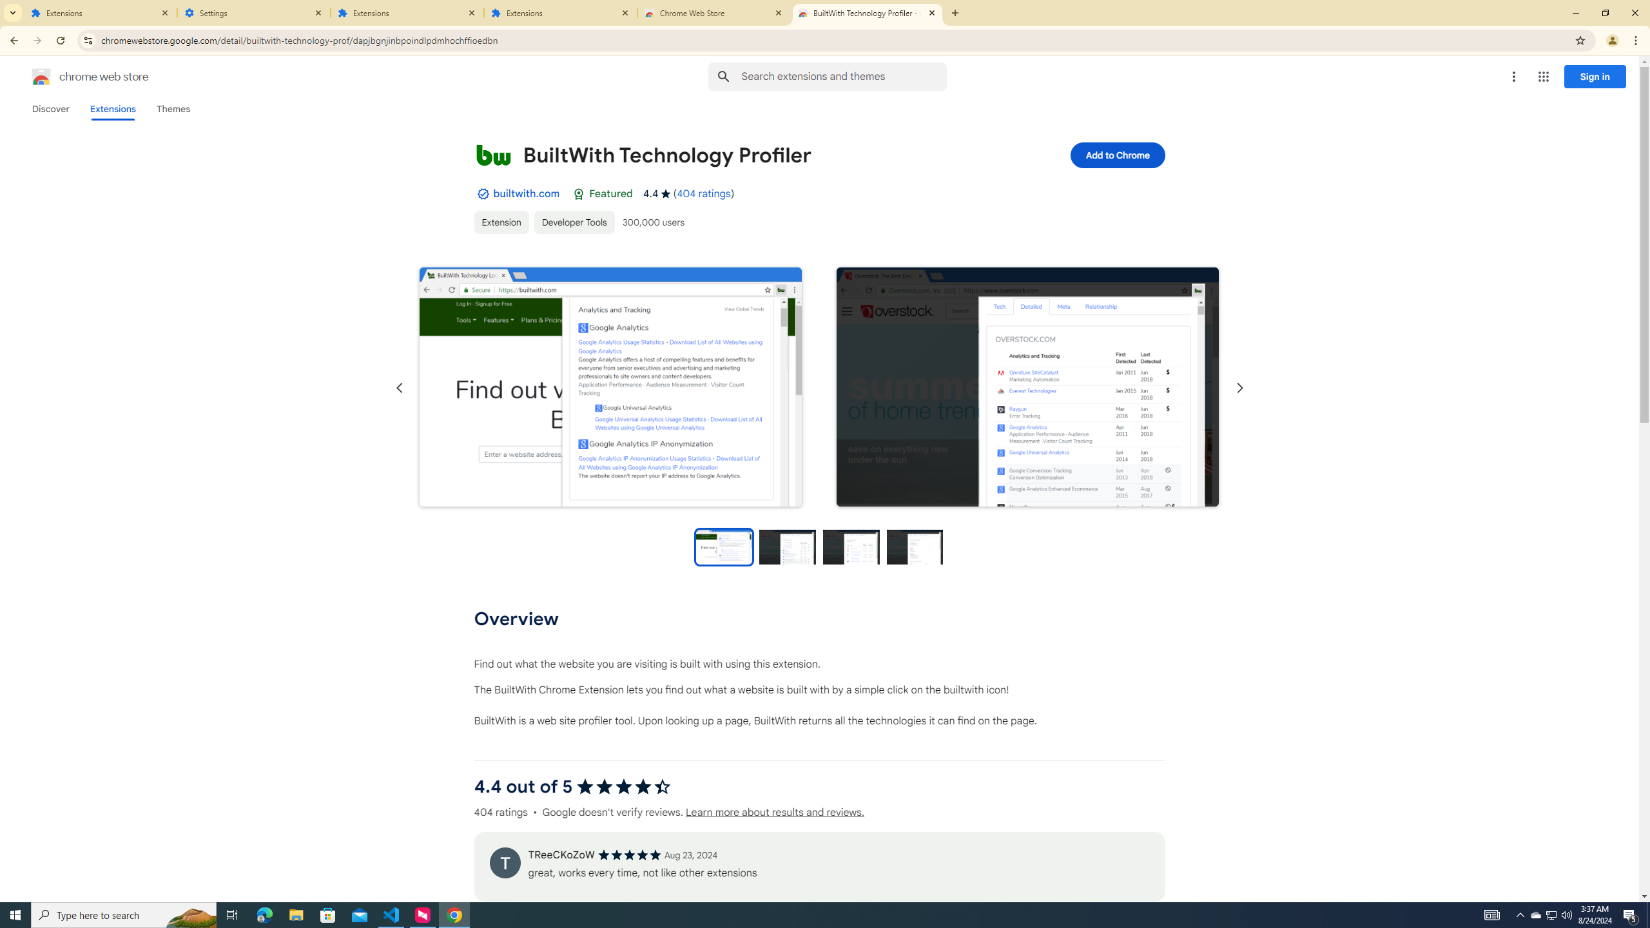  I want to click on 'Preview slide 3', so click(851, 546).